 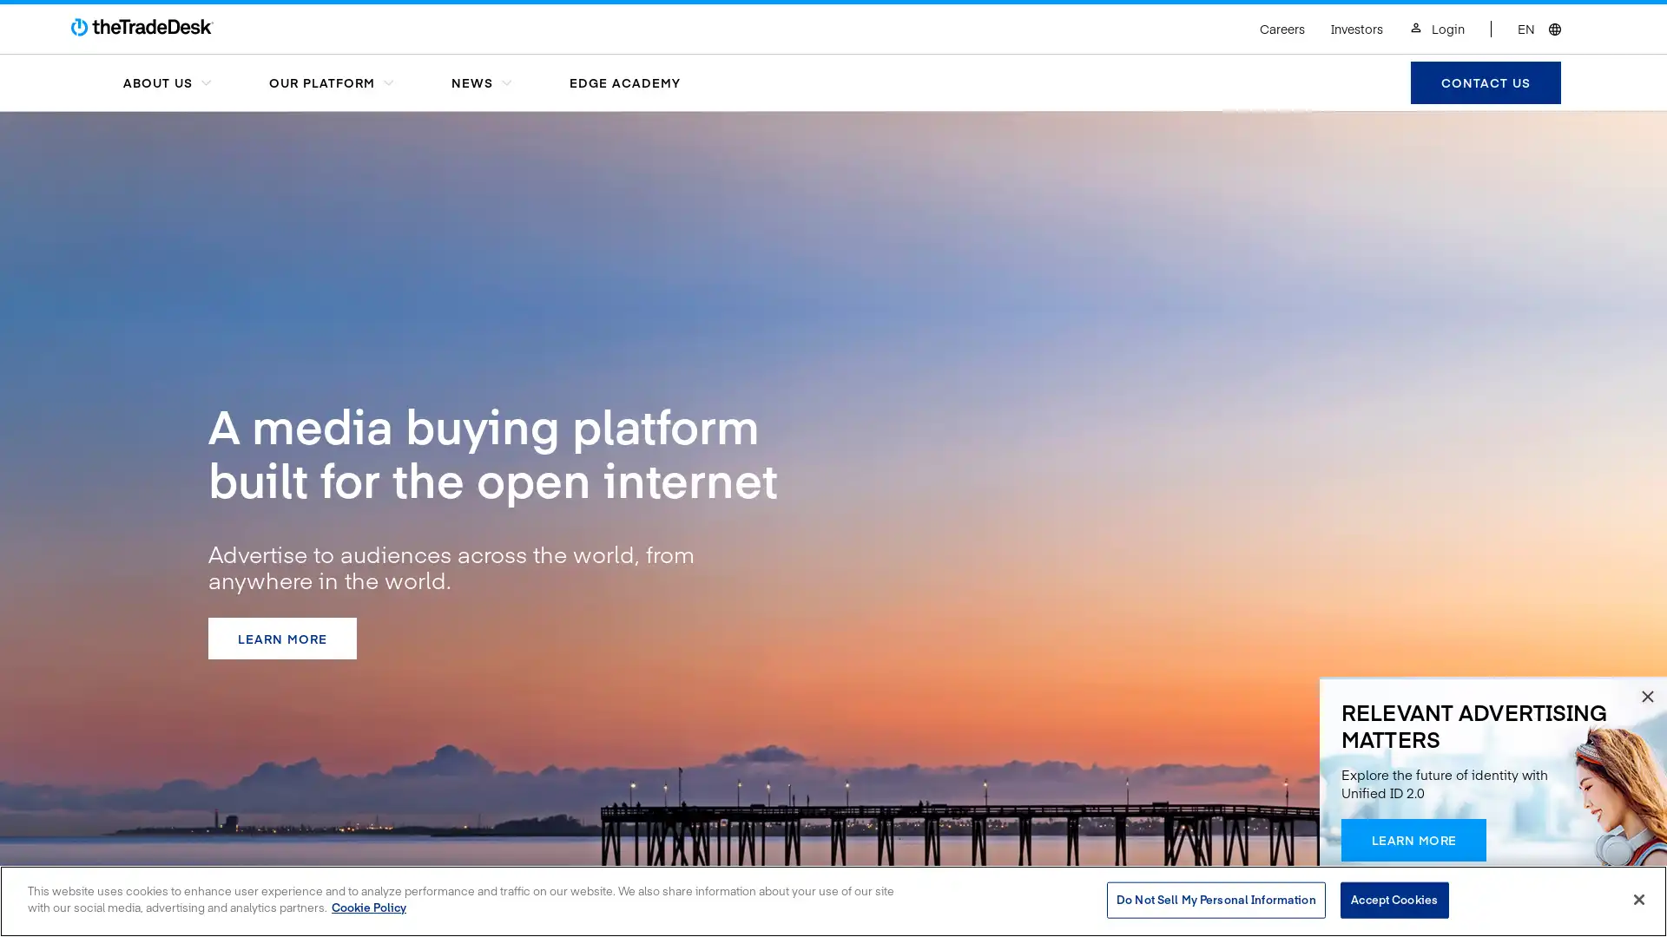 I want to click on Accept Cookies, so click(x=1394, y=899).